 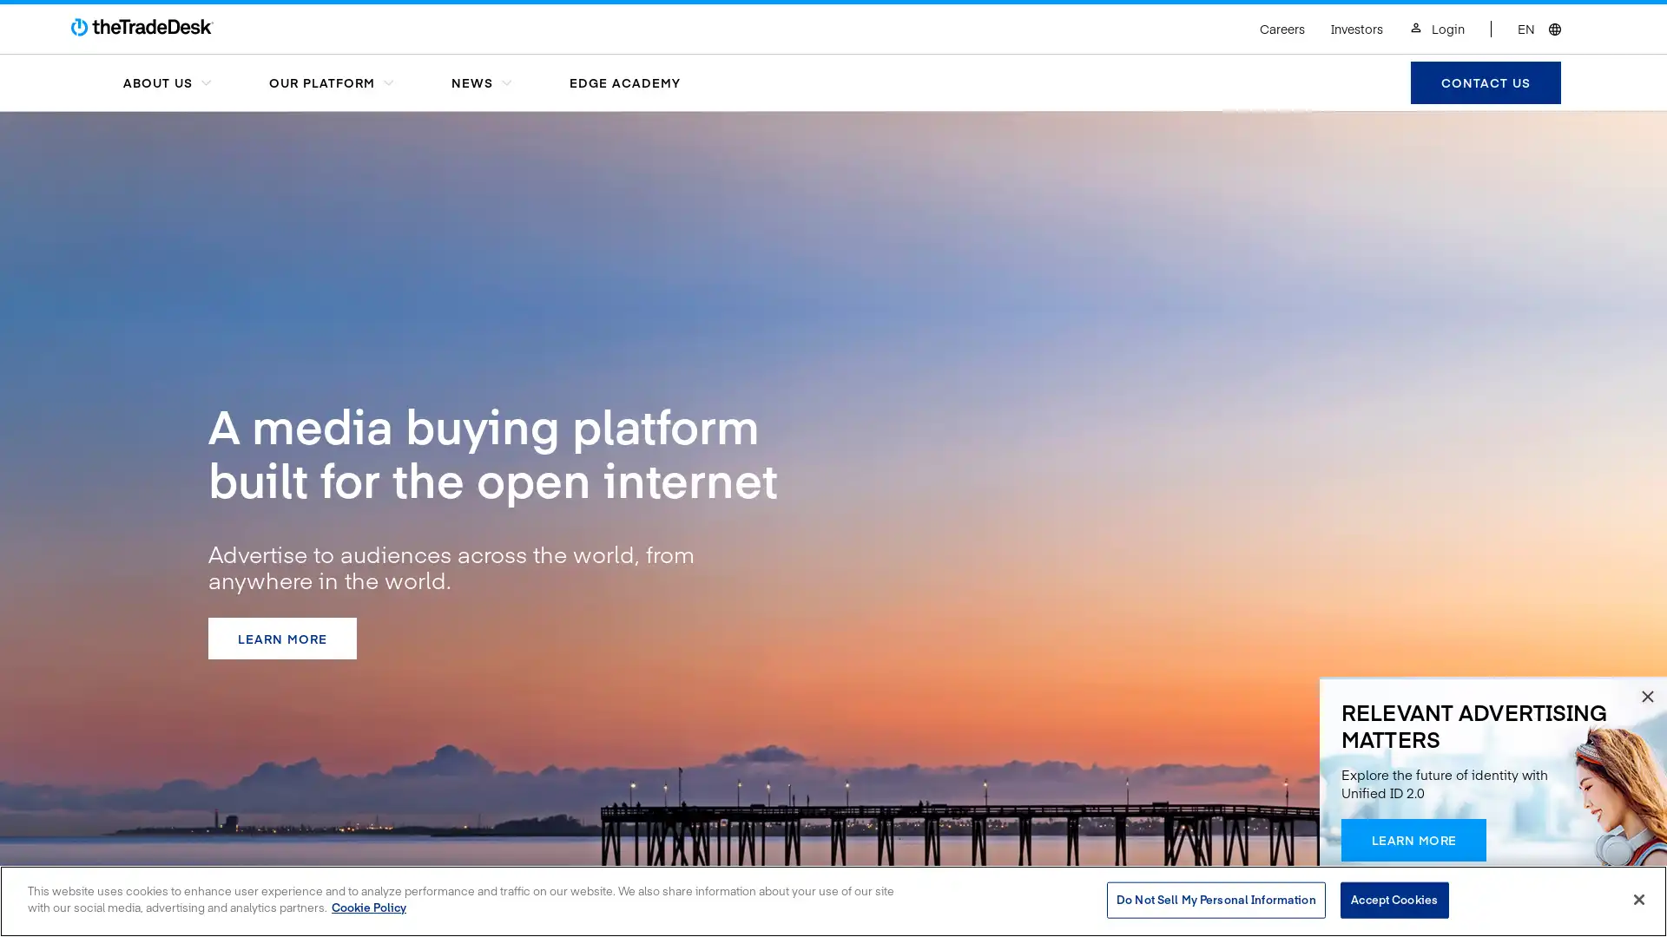 I want to click on Accept Cookies, so click(x=1394, y=899).